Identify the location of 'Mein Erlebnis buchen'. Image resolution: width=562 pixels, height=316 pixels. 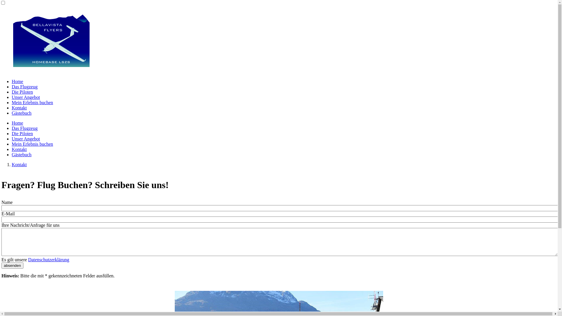
(32, 144).